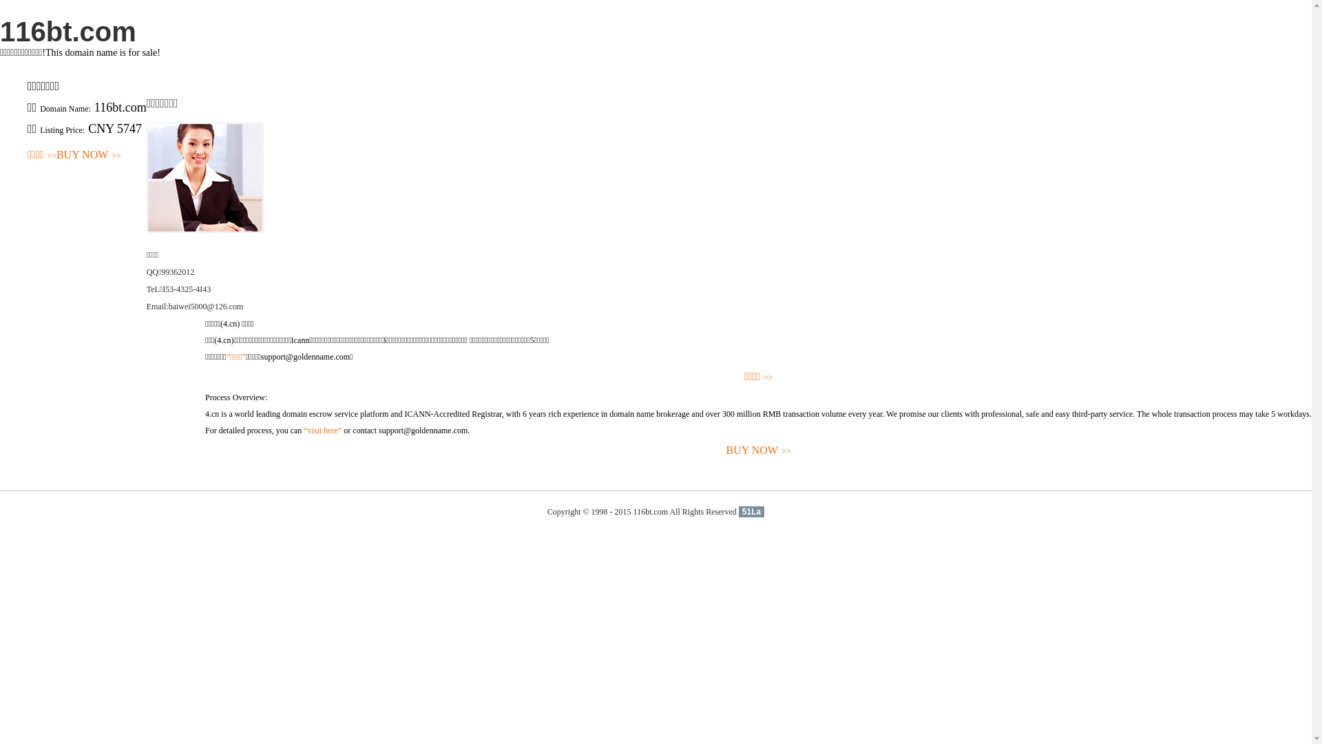 This screenshot has width=1322, height=744. What do you see at coordinates (88, 155) in the screenshot?
I see `'BUY NOW>>'` at bounding box center [88, 155].